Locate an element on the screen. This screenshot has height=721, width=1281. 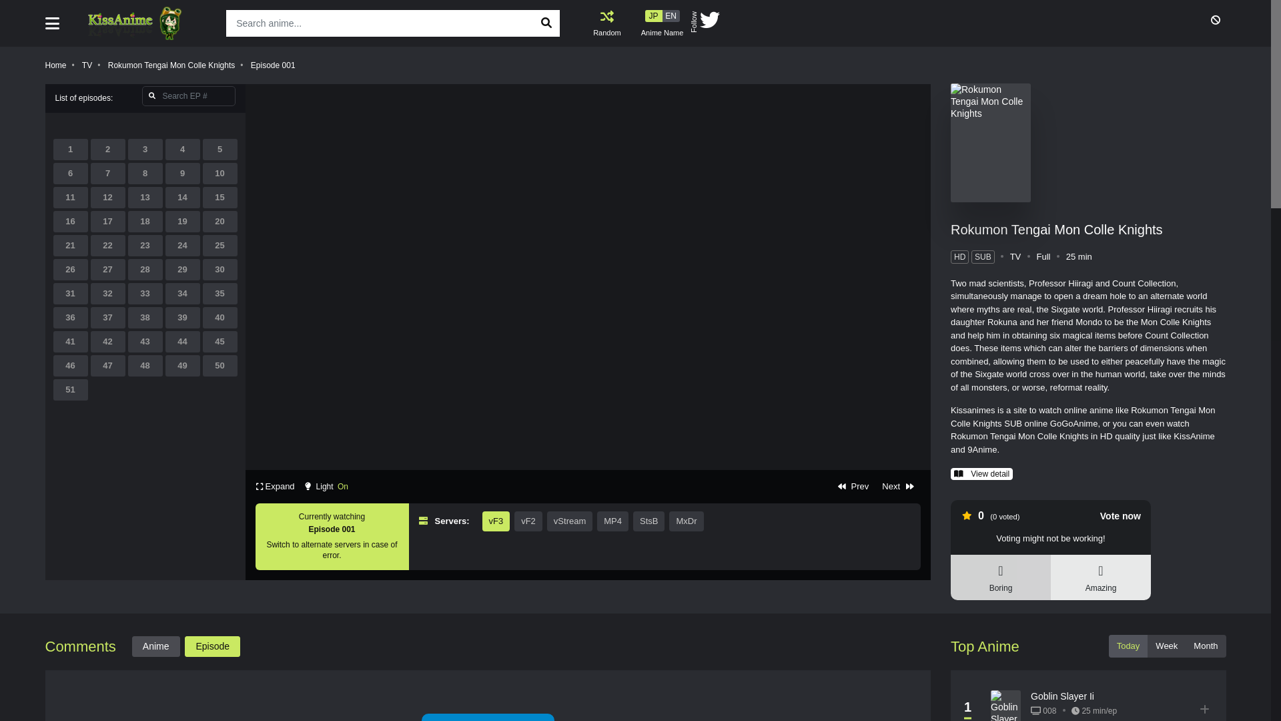
'34' is located at coordinates (181, 292).